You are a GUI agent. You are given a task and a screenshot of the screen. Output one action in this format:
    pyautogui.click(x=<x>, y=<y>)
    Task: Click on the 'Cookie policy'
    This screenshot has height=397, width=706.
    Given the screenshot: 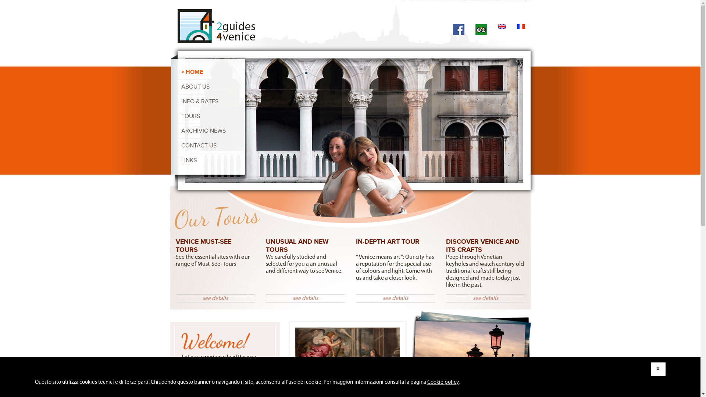 What is the action you would take?
    pyautogui.click(x=442, y=382)
    